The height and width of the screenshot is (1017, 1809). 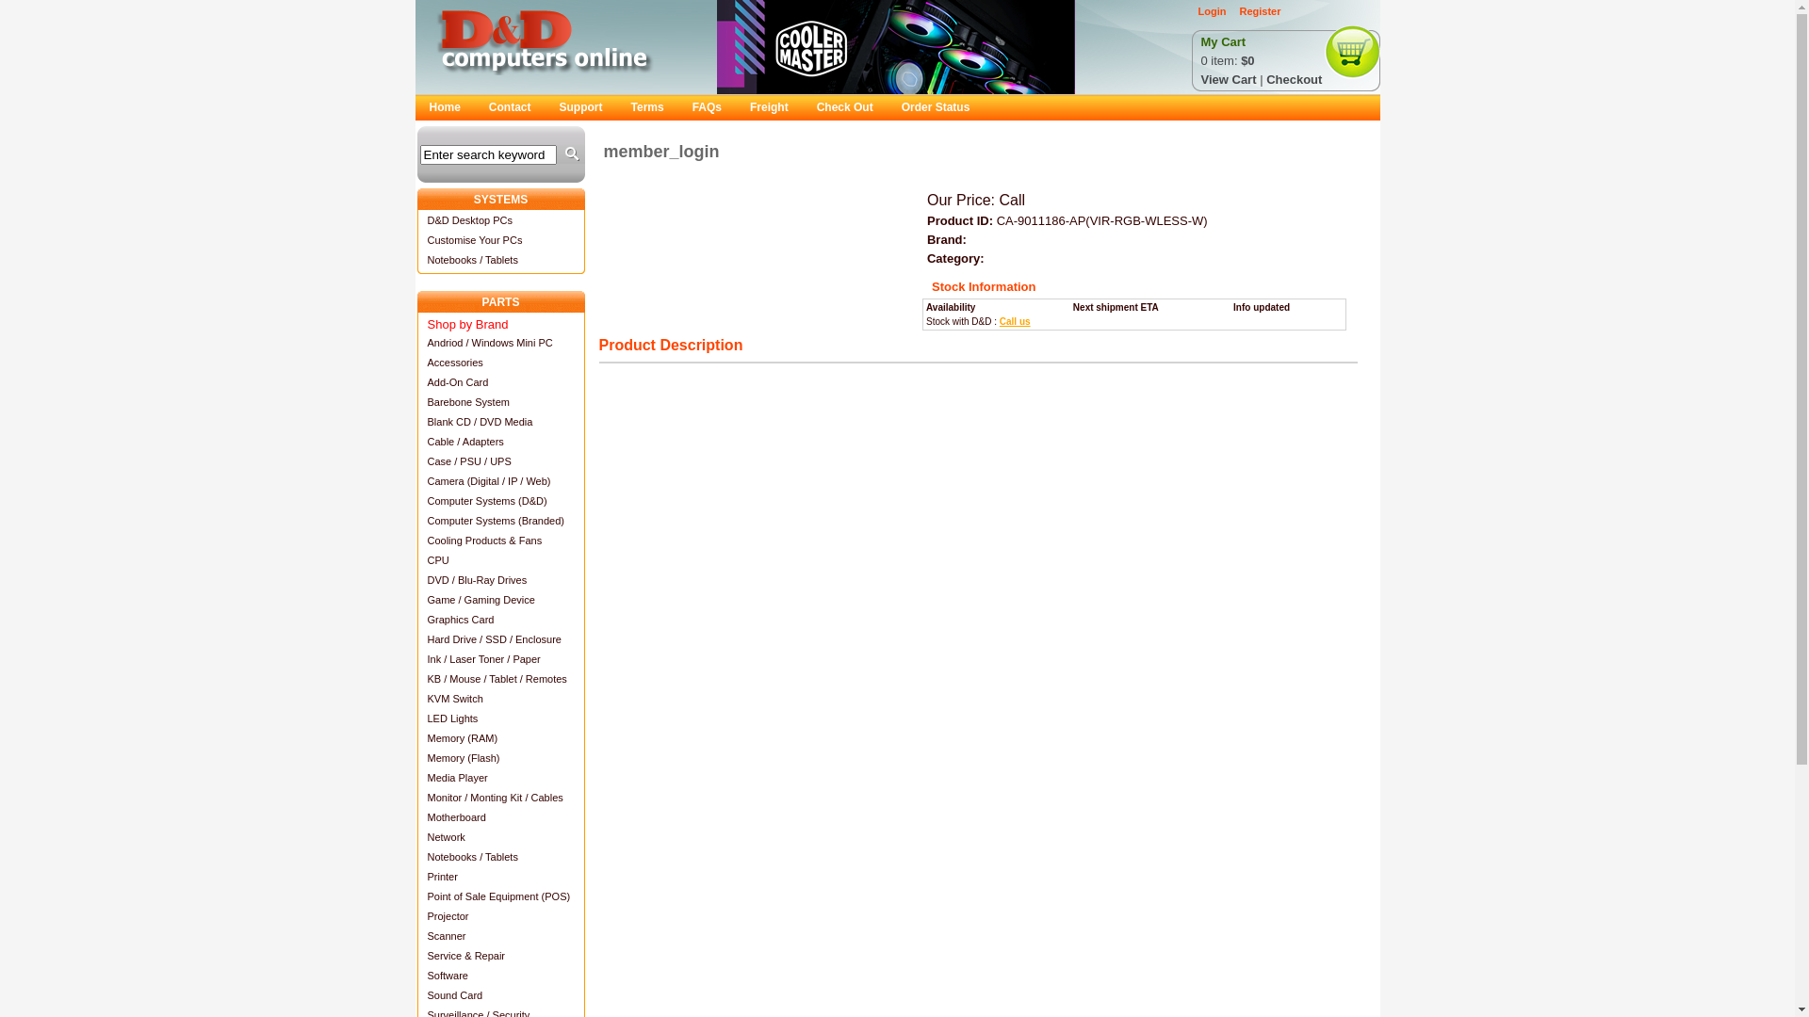 I want to click on 'Add-On Card', so click(x=500, y=381).